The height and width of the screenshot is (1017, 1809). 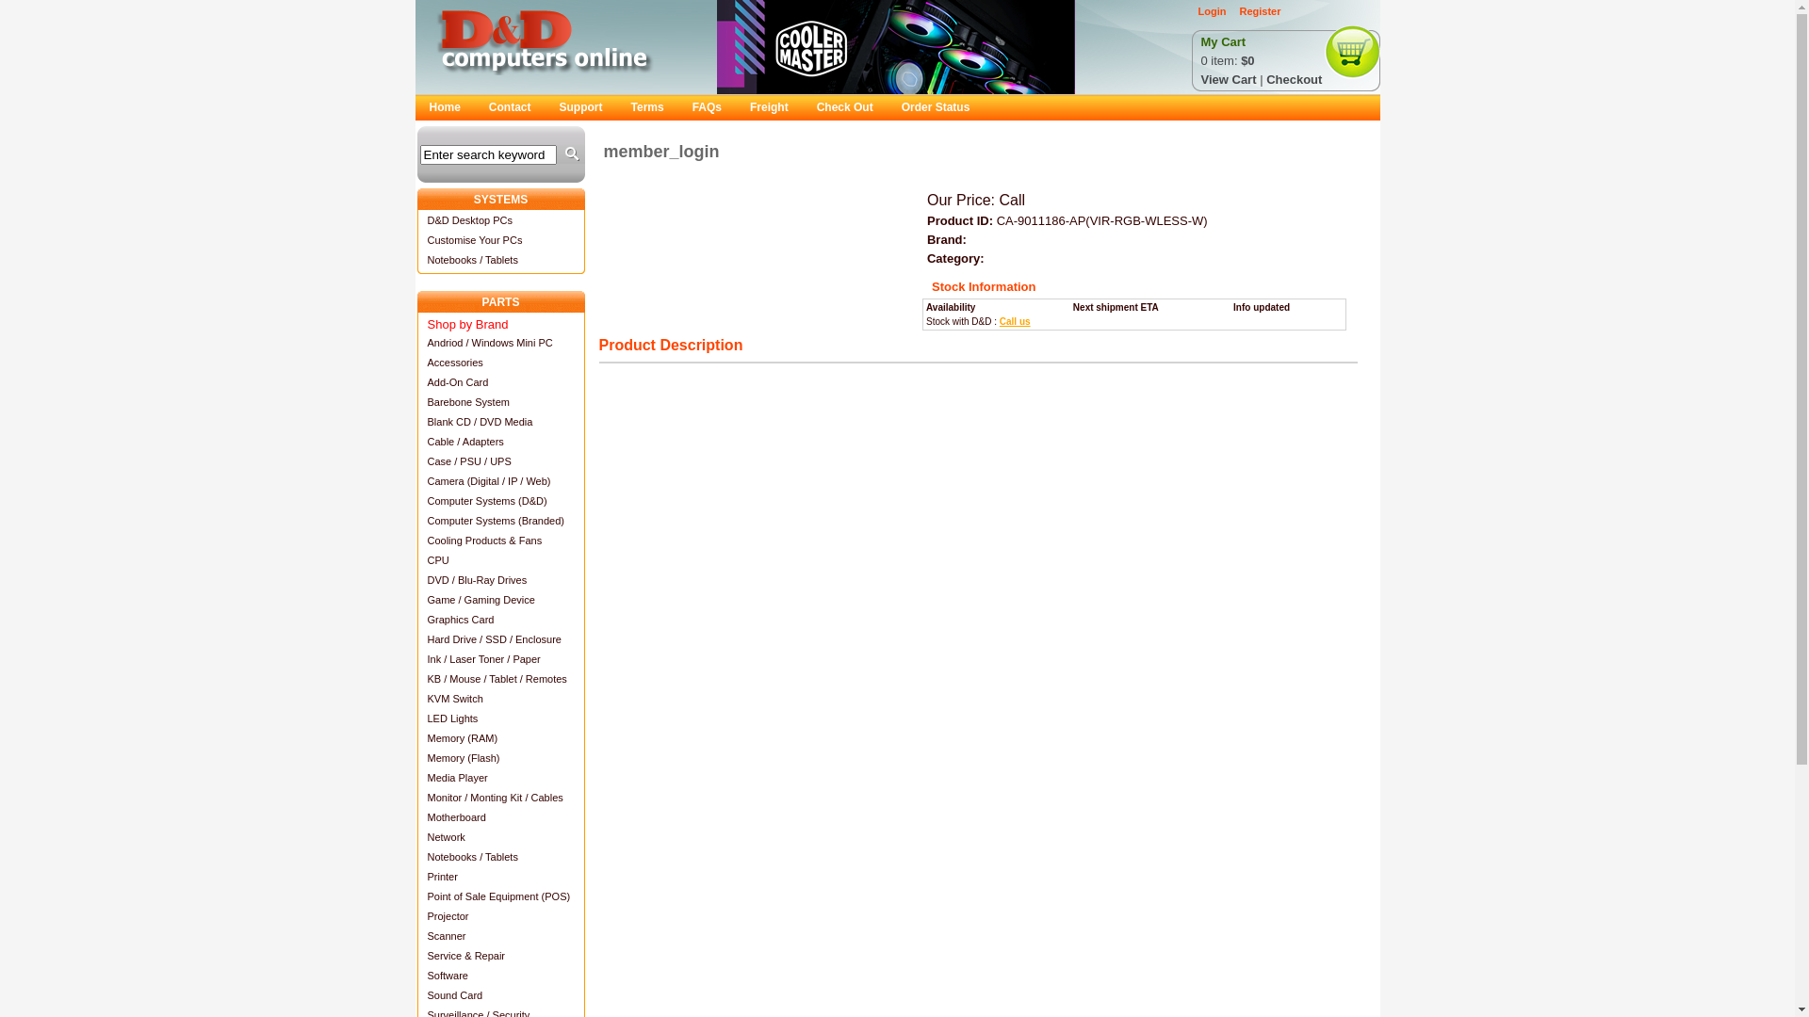 I want to click on 'Add-On Card', so click(x=500, y=381).